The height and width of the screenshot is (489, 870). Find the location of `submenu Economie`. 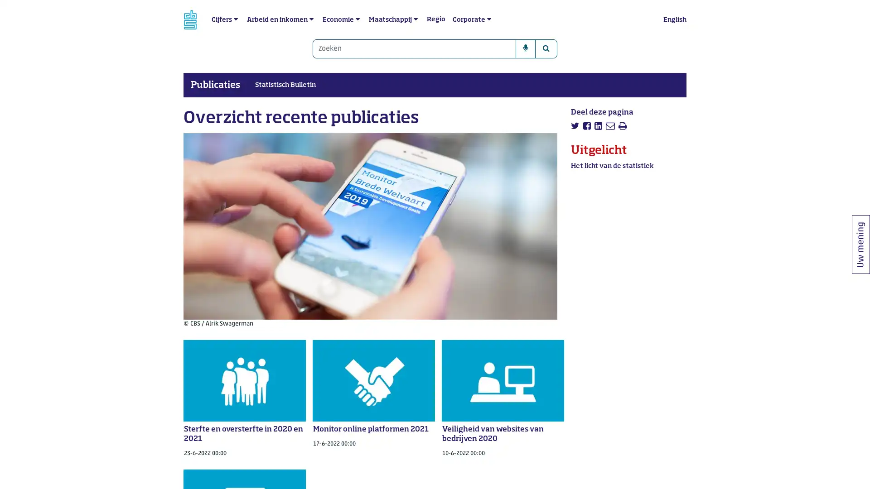

submenu Economie is located at coordinates (357, 19).